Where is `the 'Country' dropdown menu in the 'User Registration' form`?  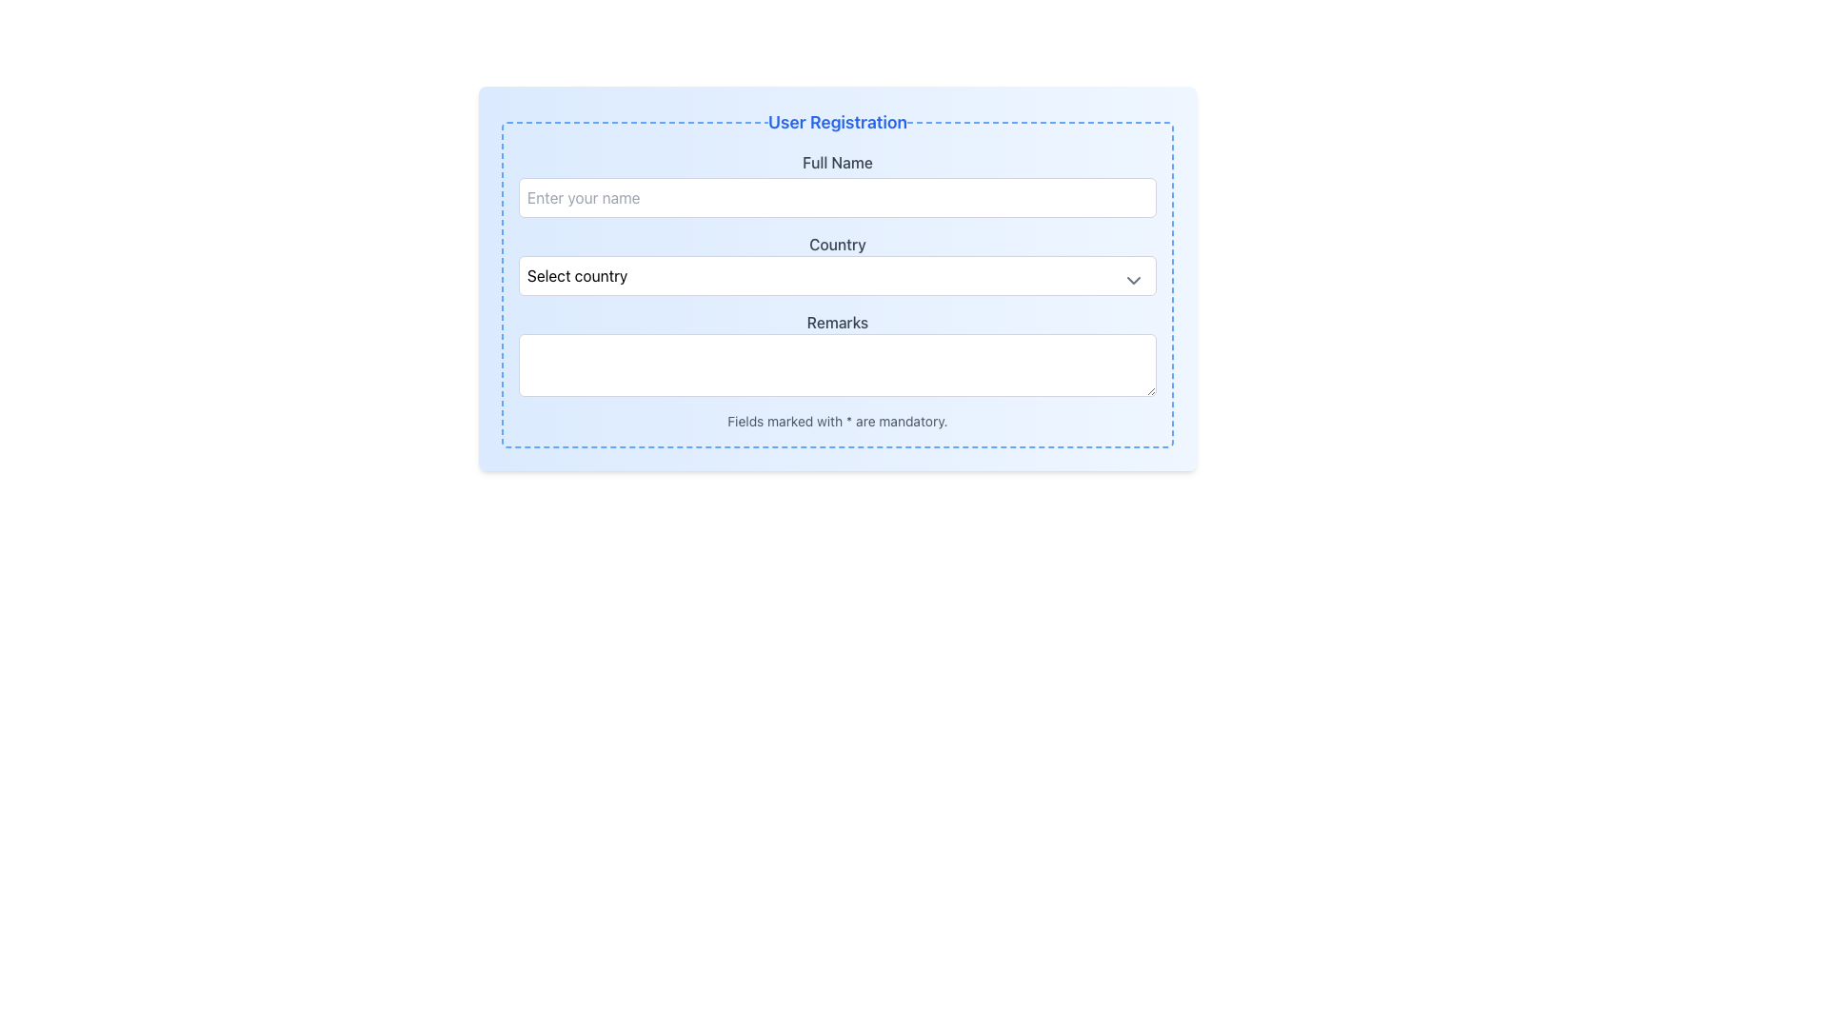 the 'Country' dropdown menu in the 'User Registration' form is located at coordinates (837, 279).